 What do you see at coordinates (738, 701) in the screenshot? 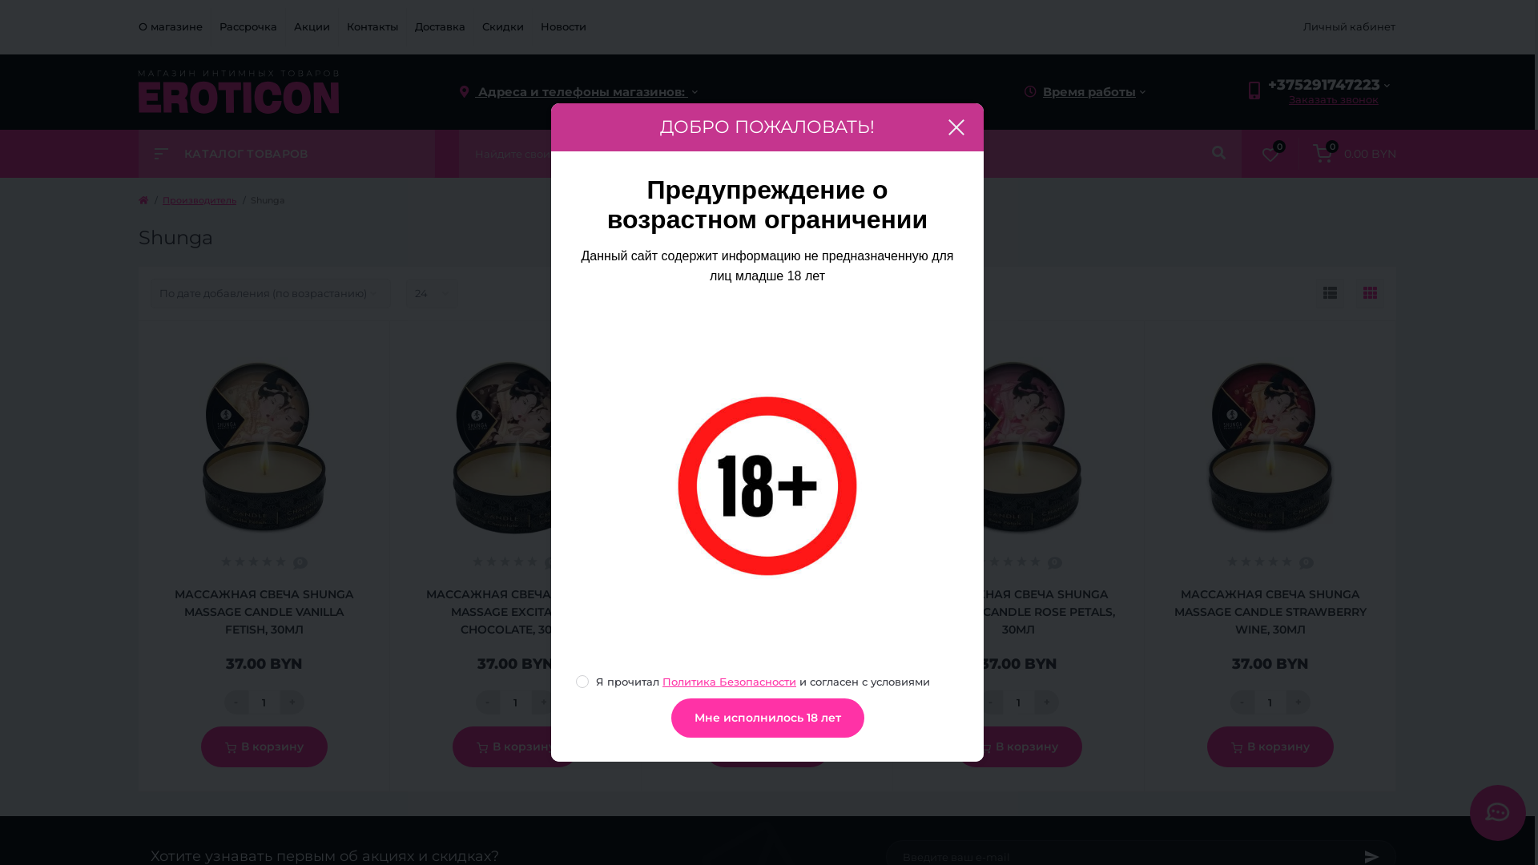
I see `'-'` at bounding box center [738, 701].